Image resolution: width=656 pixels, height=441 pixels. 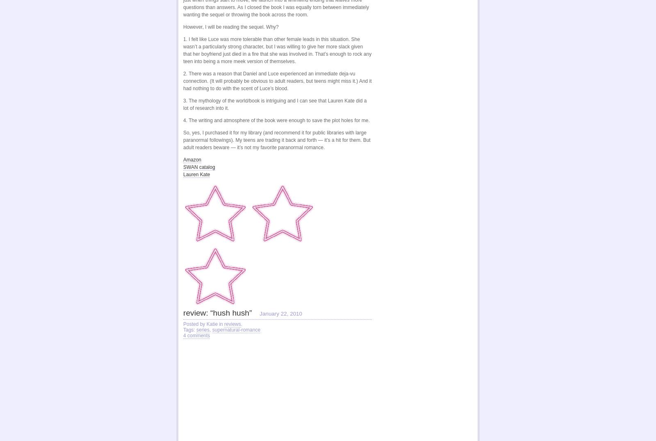 What do you see at coordinates (196, 173) in the screenshot?
I see `'Lauren Kate'` at bounding box center [196, 173].